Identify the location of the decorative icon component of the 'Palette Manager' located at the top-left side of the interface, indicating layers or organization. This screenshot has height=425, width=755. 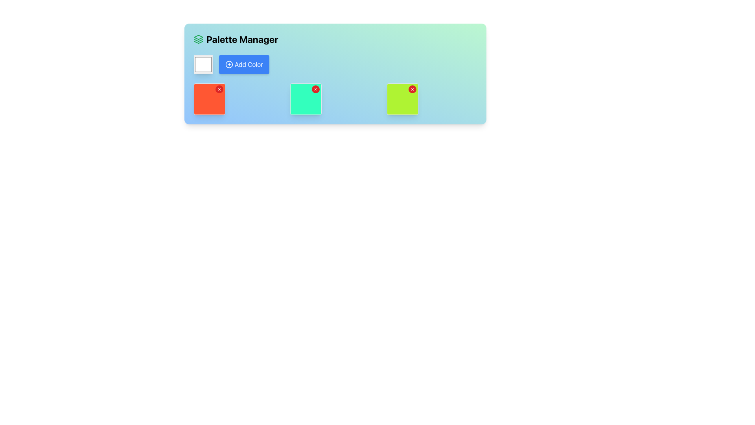
(198, 37).